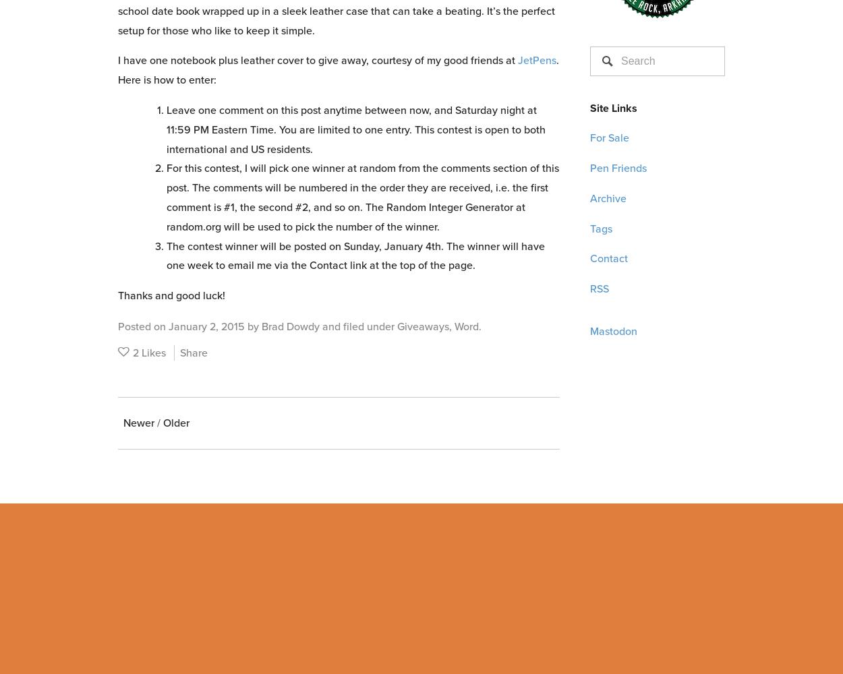 The image size is (843, 674). What do you see at coordinates (466, 325) in the screenshot?
I see `'Word'` at bounding box center [466, 325].